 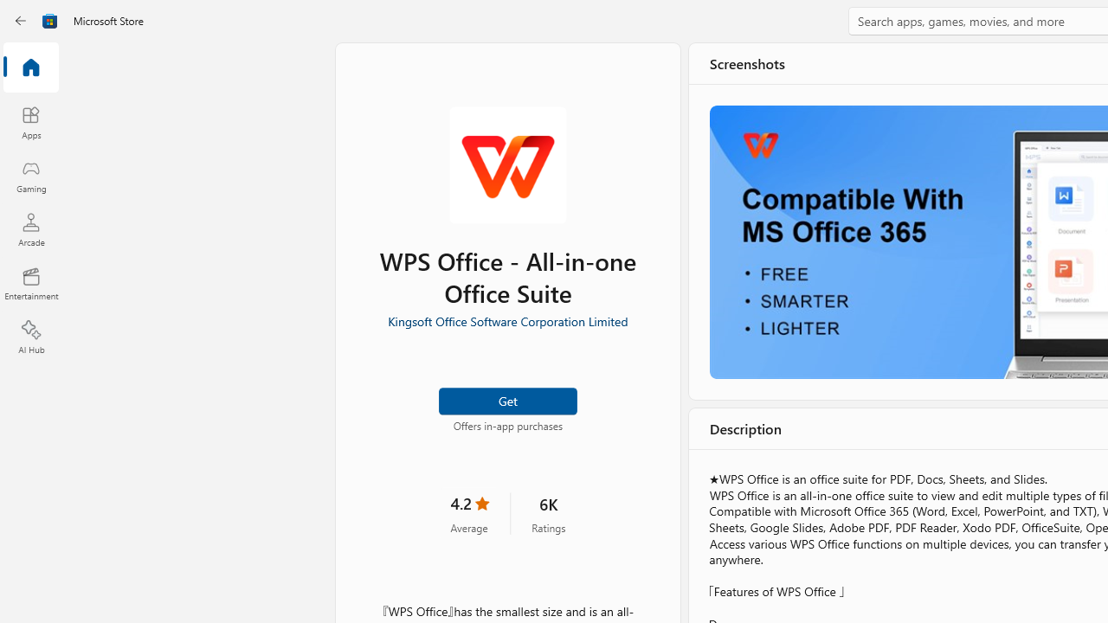 I want to click on 'Gaming', so click(x=30, y=176).